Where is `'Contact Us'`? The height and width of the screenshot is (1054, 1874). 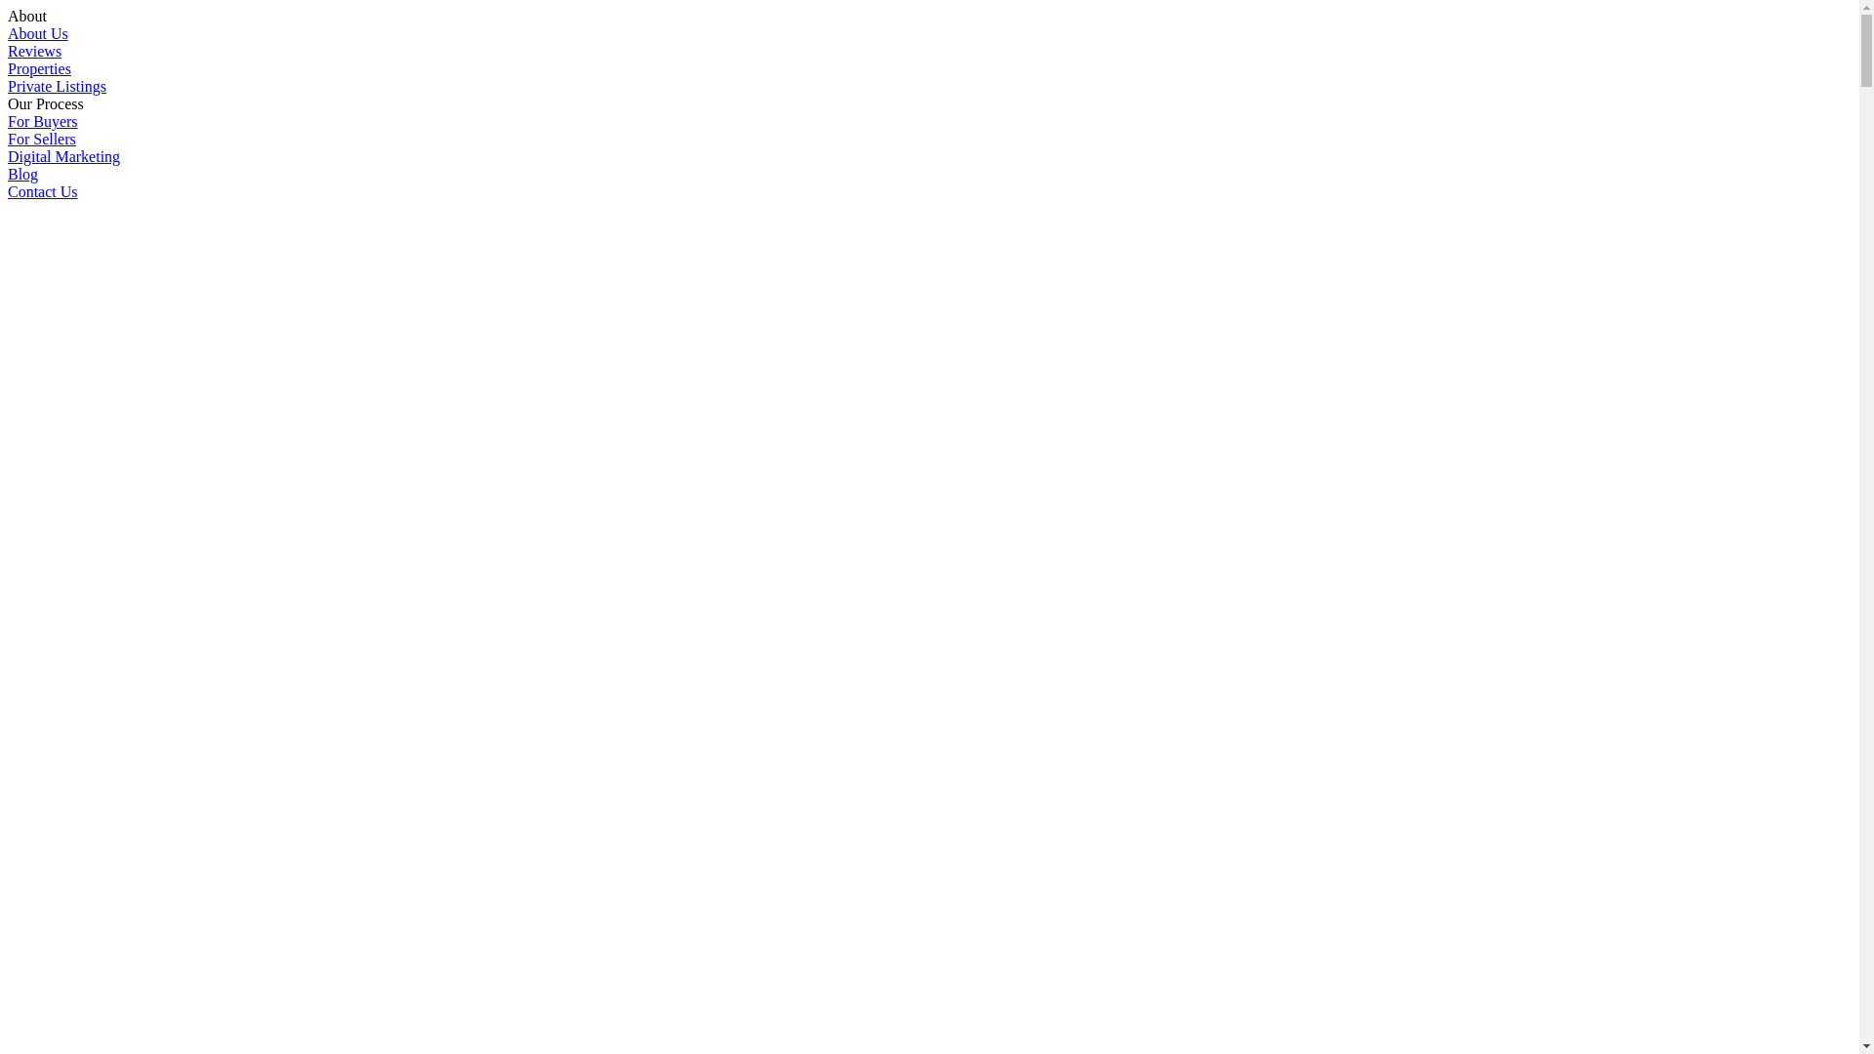
'Contact Us' is located at coordinates (42, 191).